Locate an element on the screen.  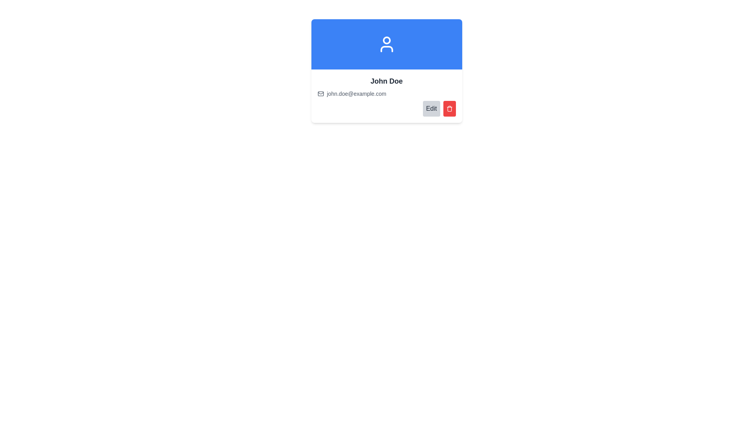
the red button with rounded corners featuring a trash bin icon located at the bottom-right corner of the user information card to observe its hover effect is located at coordinates (449, 109).